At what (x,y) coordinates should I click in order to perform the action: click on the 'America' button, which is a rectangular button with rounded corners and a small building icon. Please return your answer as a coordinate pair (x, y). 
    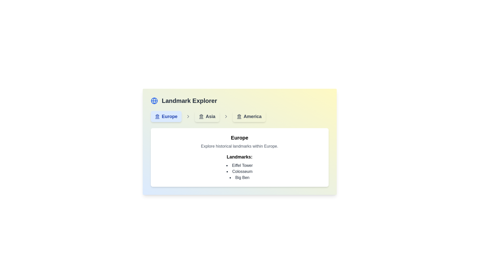
    Looking at the image, I should click on (249, 117).